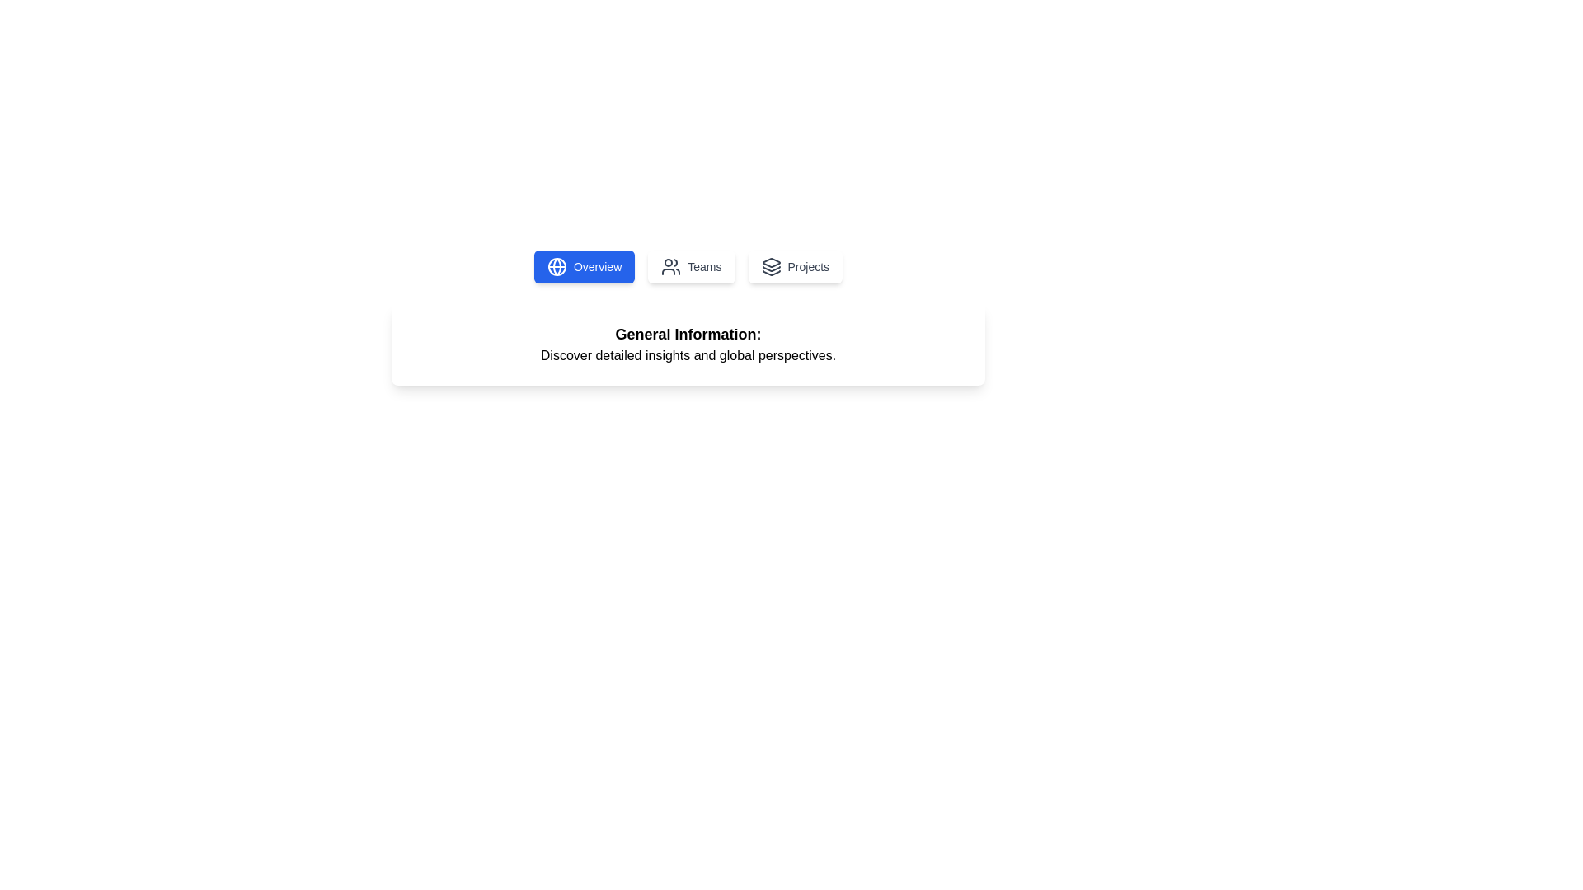 This screenshot has height=890, width=1583. I want to click on label of the Text Label indicating 'Overview' which is part of the first button-like structure on the left, next to a globe icon, so click(597, 266).